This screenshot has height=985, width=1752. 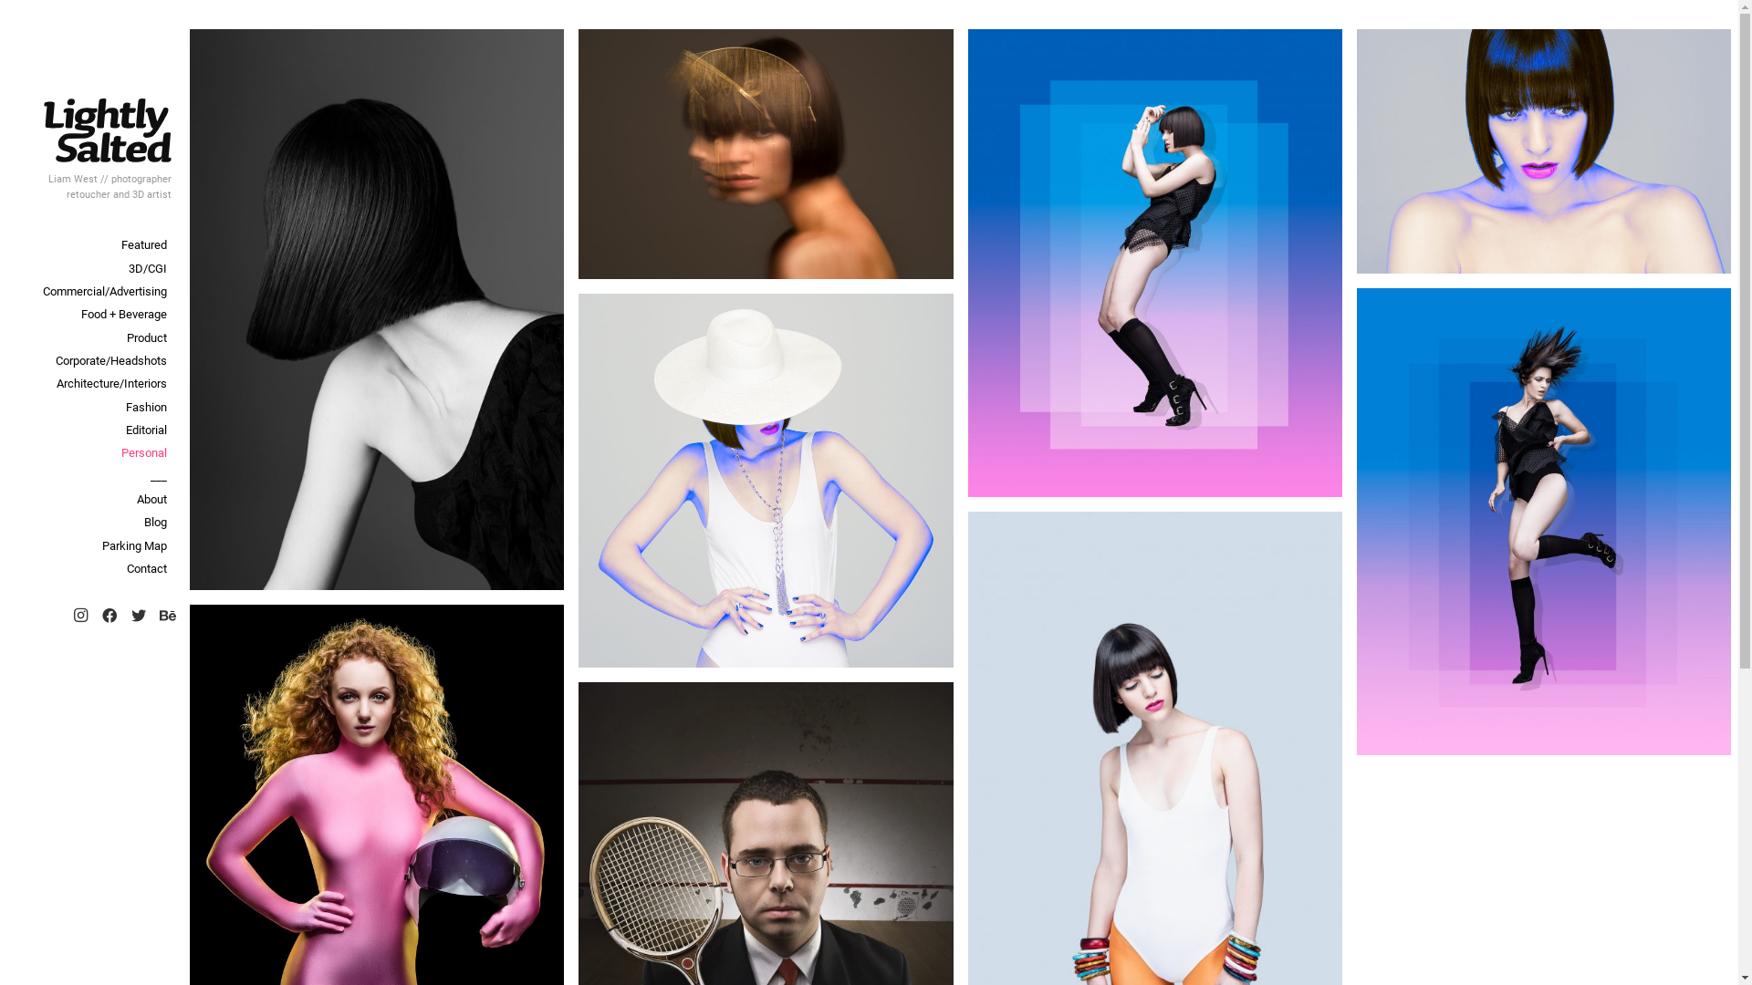 I want to click on '116-LilyHabermehl_1234_web', so click(x=1543, y=522).